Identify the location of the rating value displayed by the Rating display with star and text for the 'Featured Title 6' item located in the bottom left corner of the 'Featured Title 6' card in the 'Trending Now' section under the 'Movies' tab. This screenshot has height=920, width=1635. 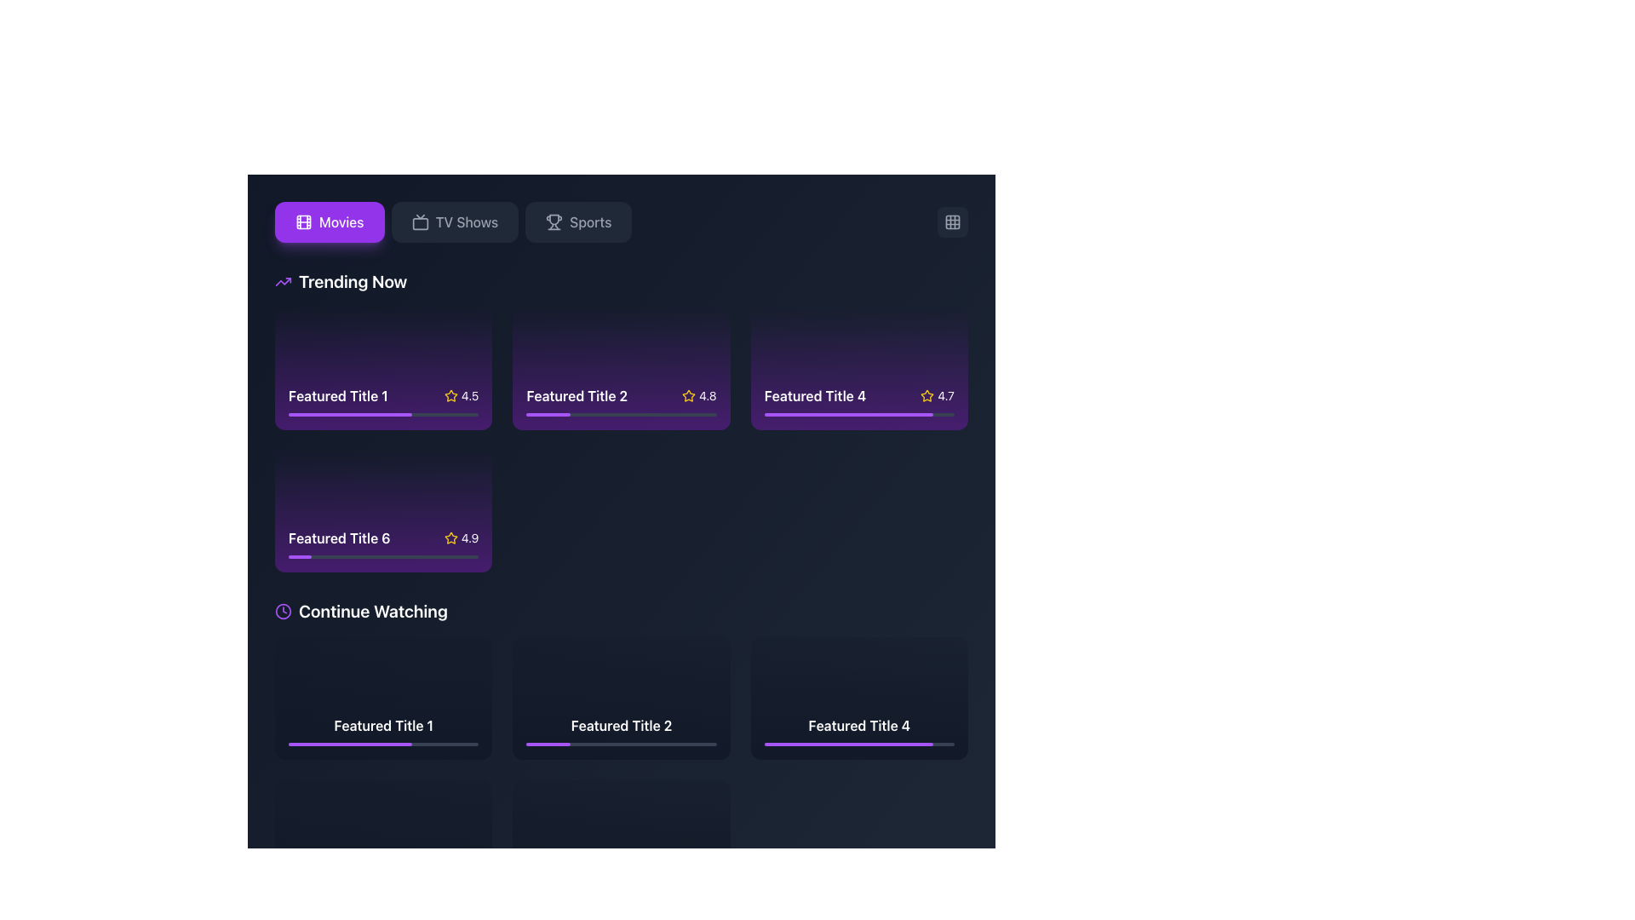
(462, 538).